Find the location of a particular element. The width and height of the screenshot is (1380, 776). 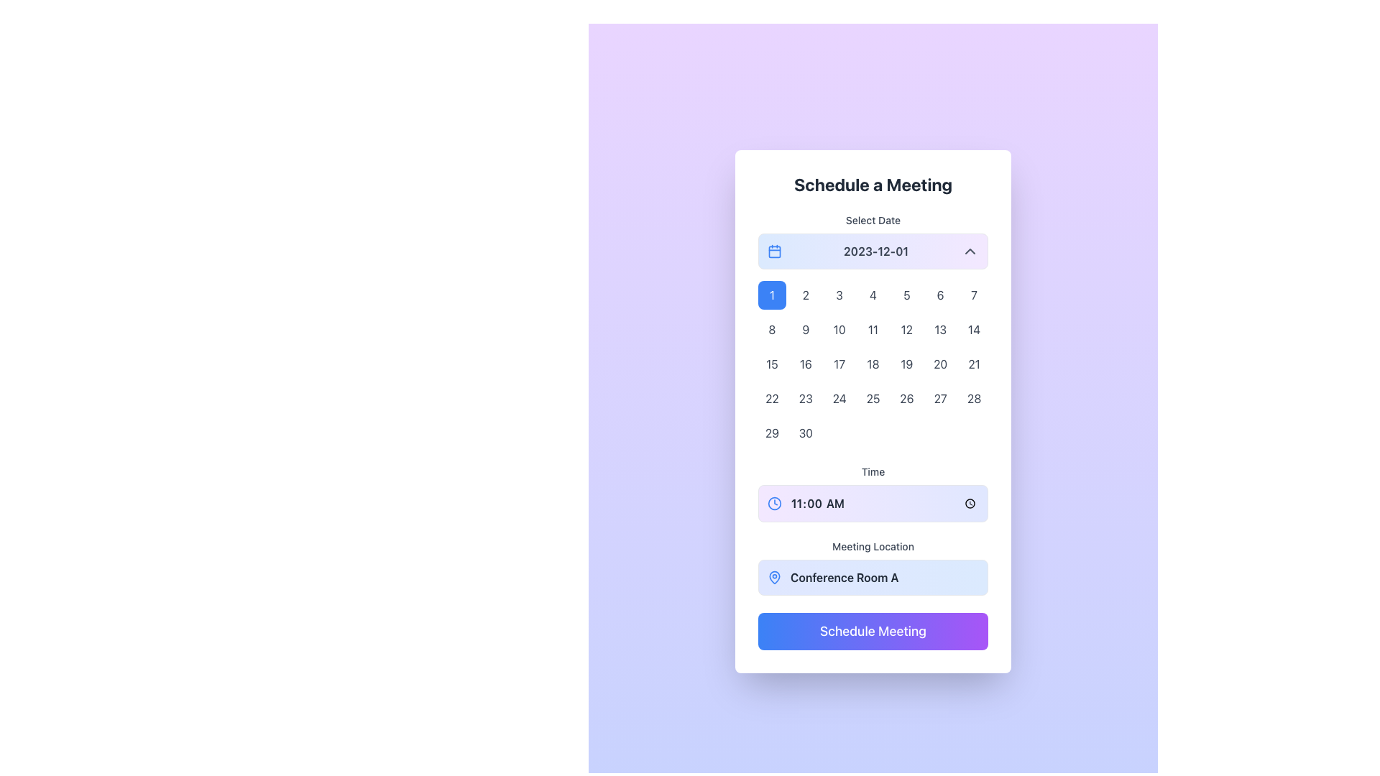

the interactive button displaying the date '17' in the calendar grid is located at coordinates (839, 363).